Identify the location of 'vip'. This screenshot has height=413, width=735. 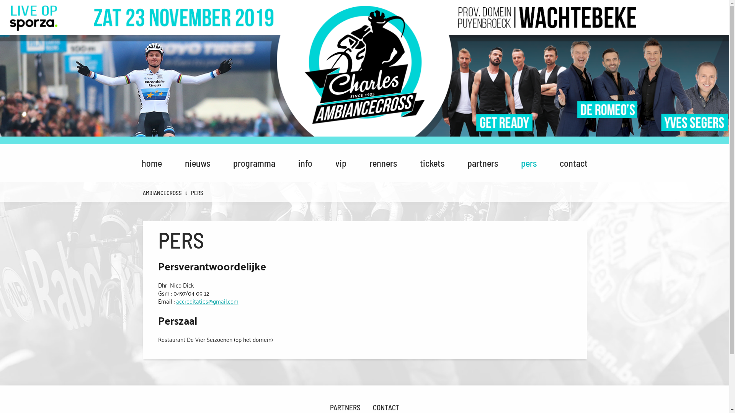
(340, 163).